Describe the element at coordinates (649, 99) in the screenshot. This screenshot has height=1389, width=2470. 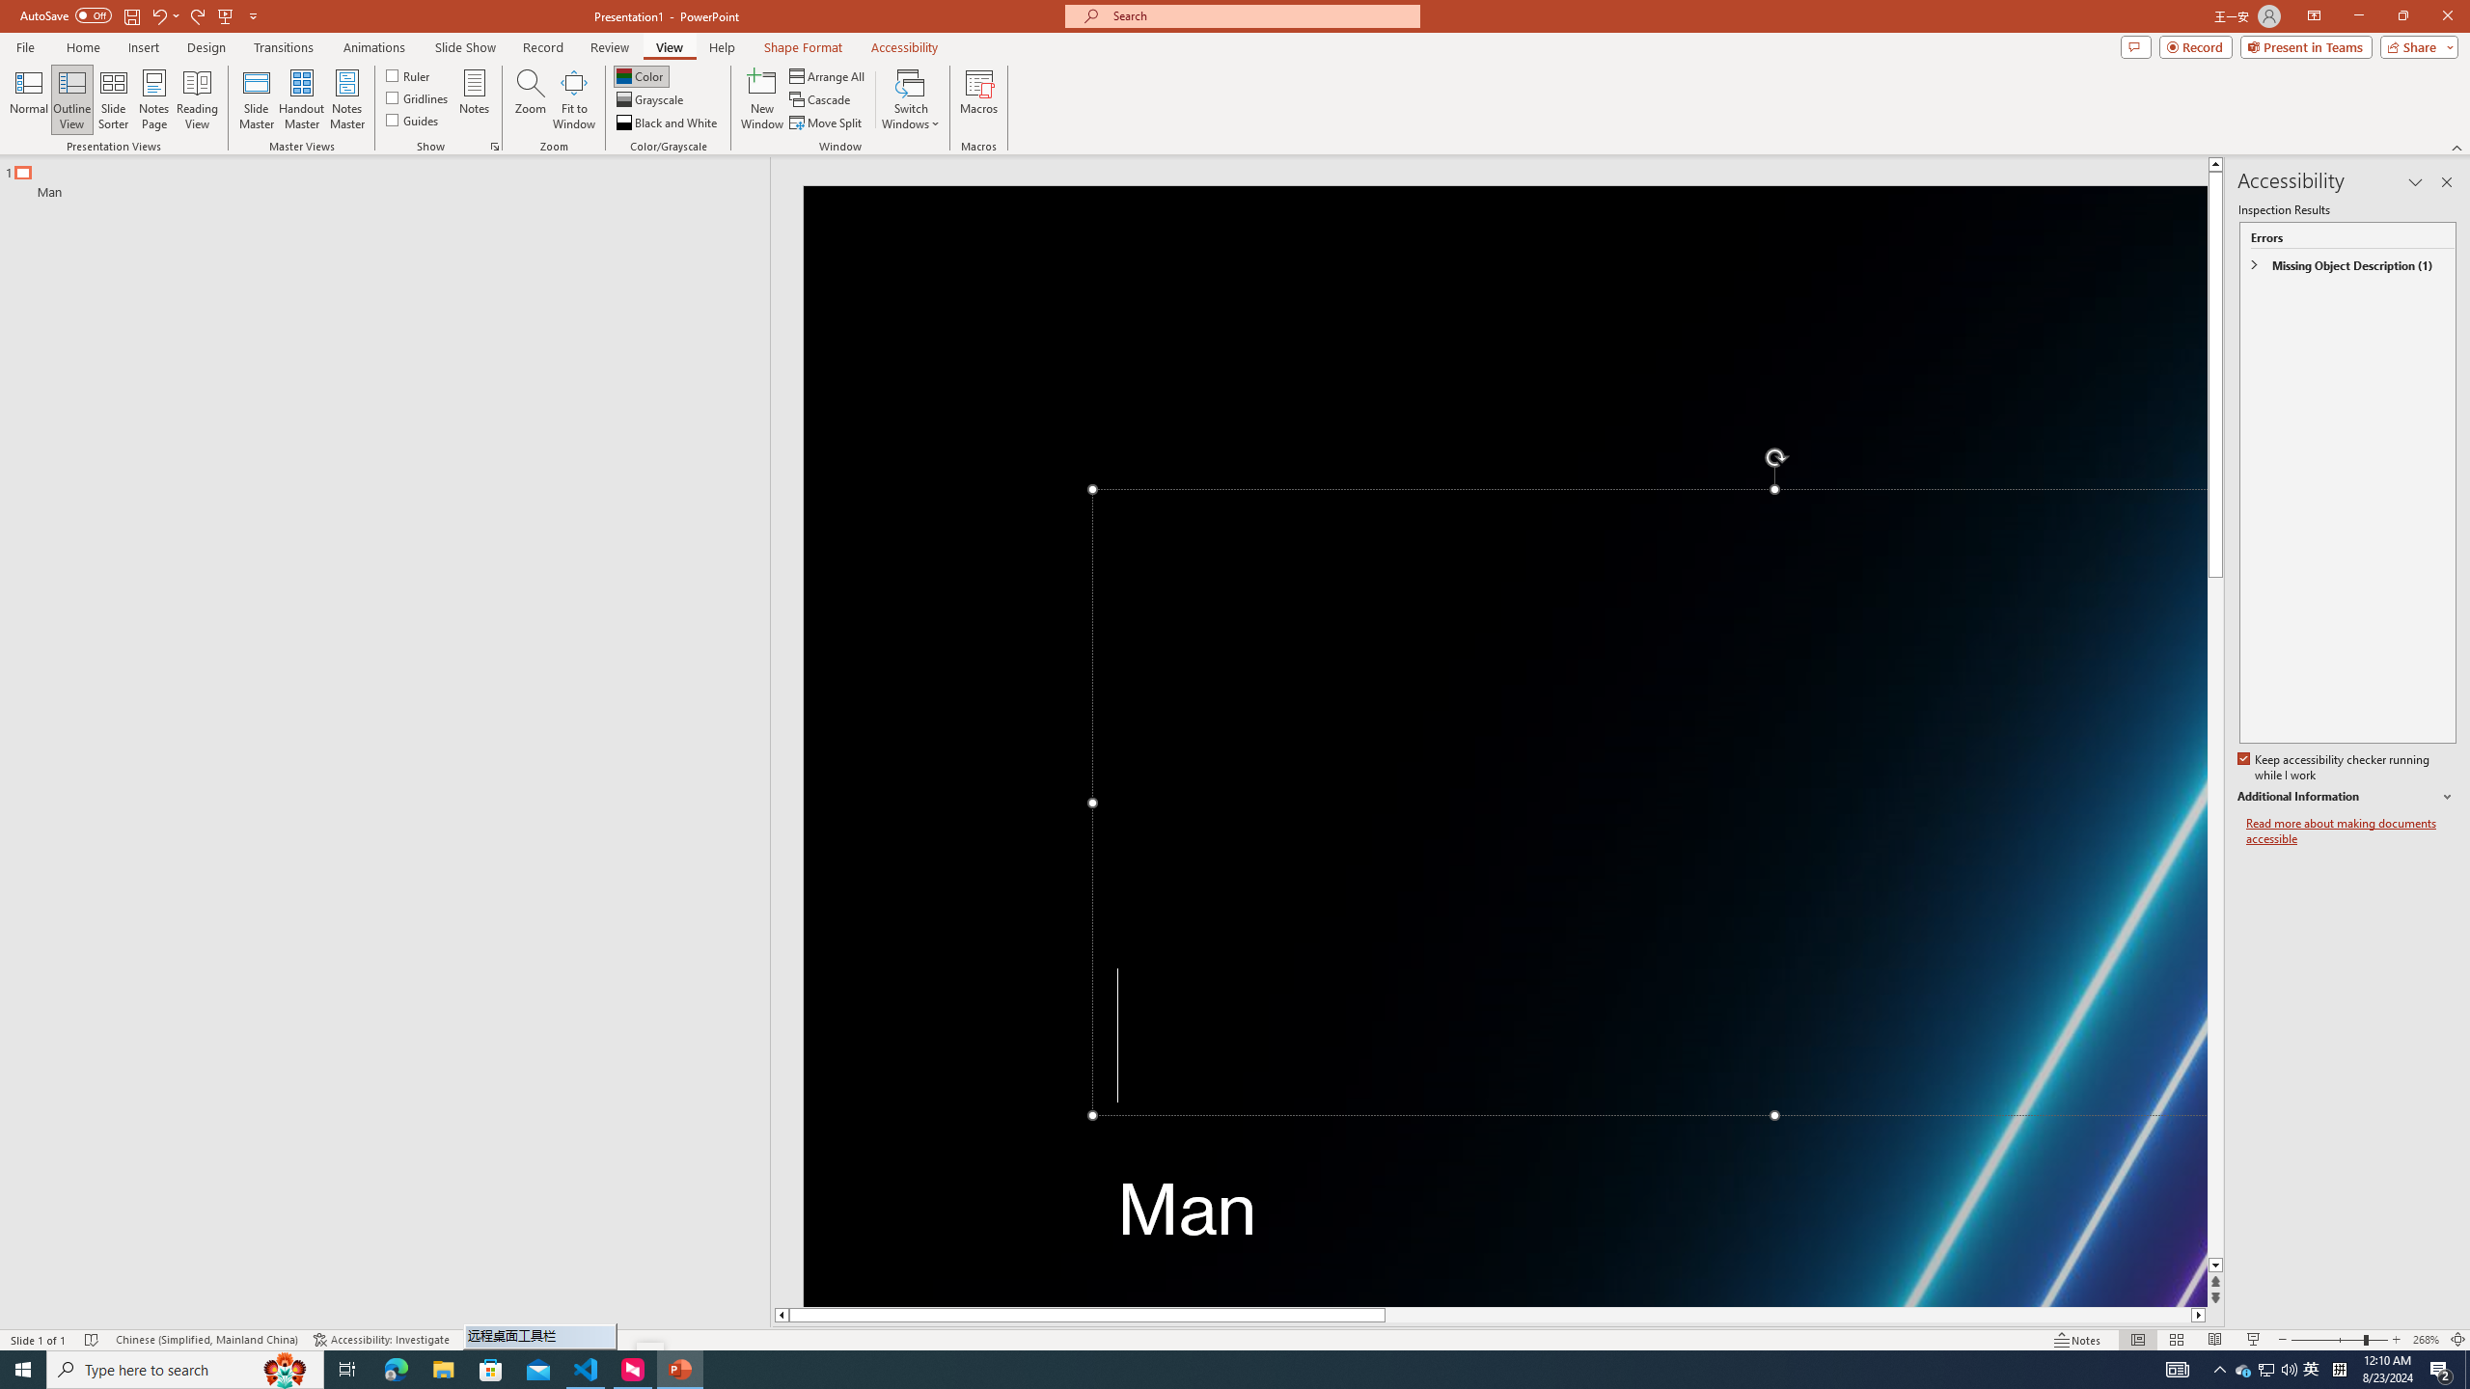
I see `'Grayscale'` at that location.